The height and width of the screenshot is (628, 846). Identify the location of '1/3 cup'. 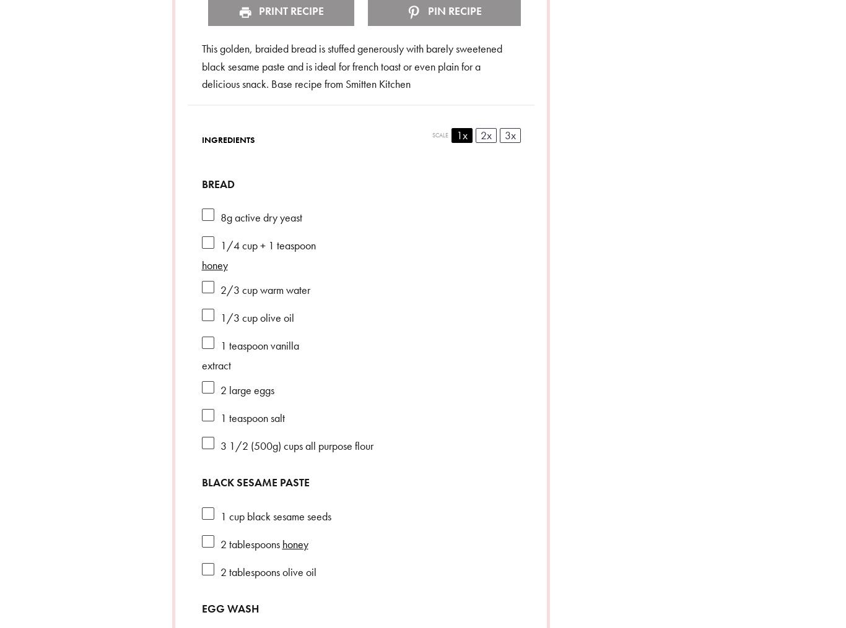
(237, 317).